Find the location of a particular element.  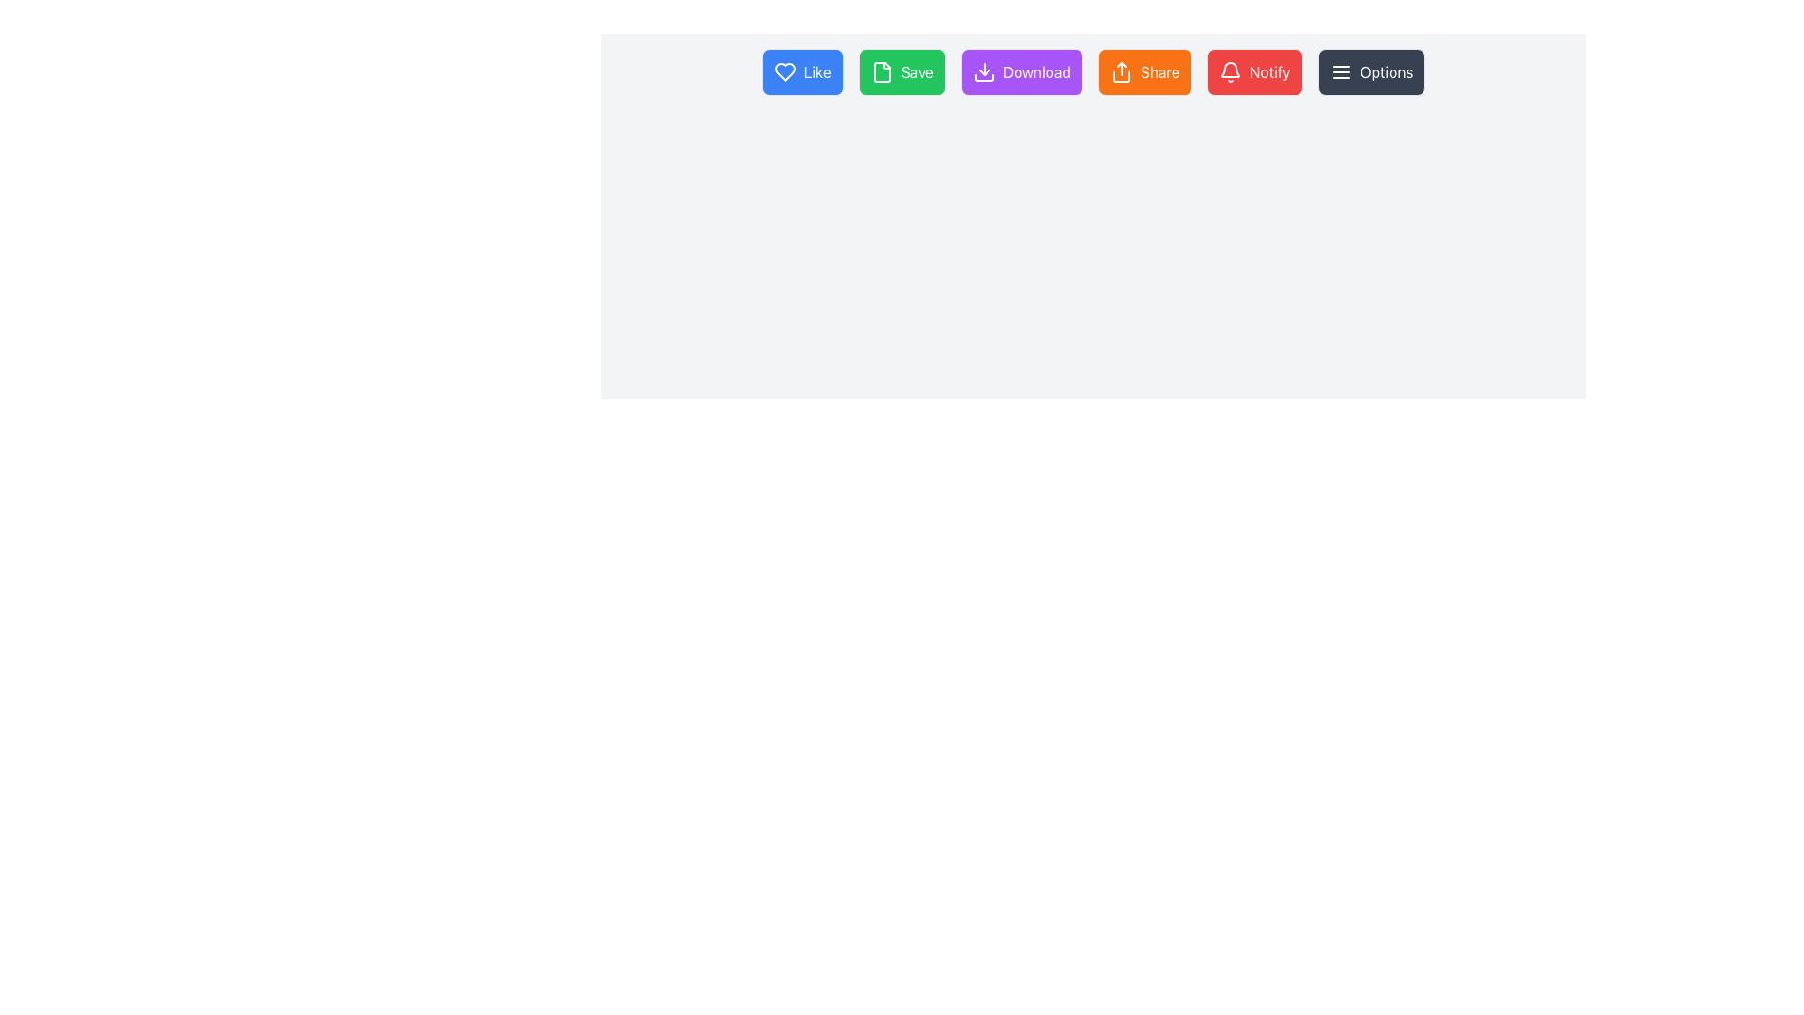

the red 'Notify' button with a bell icon located is located at coordinates (1253, 71).